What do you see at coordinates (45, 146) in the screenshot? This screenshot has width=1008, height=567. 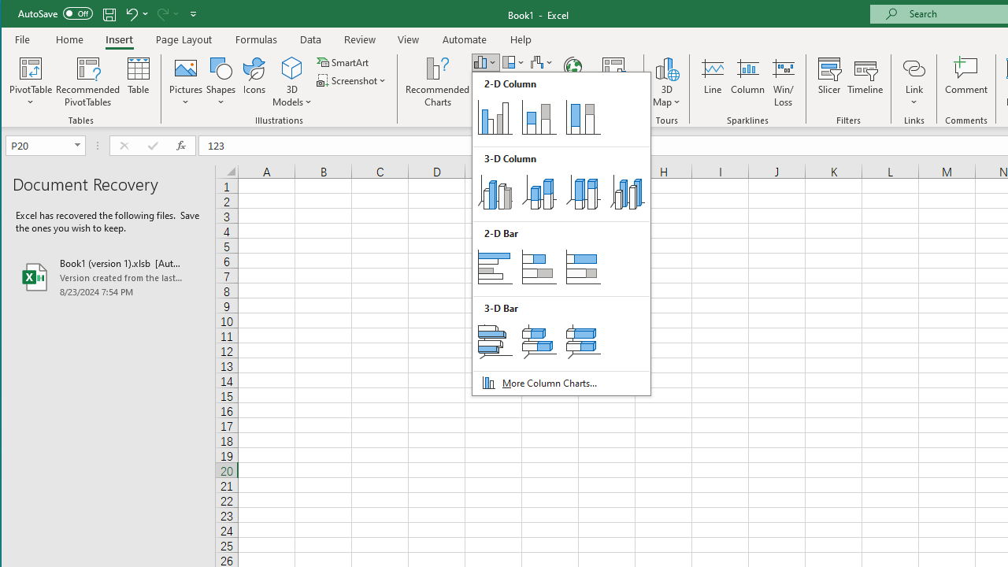 I see `'Name Box'` at bounding box center [45, 146].